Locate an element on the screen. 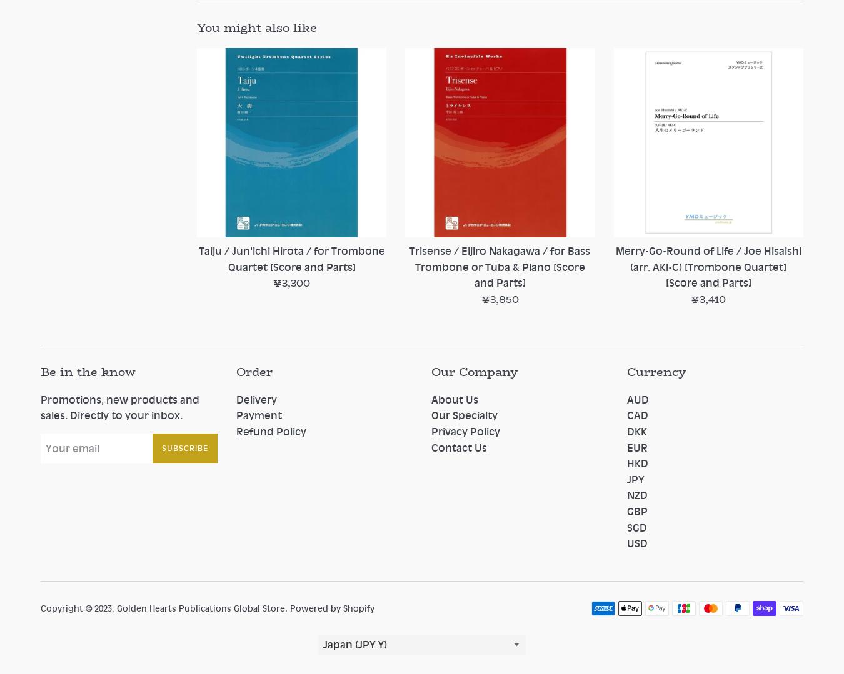  'JPY' is located at coordinates (635, 478).